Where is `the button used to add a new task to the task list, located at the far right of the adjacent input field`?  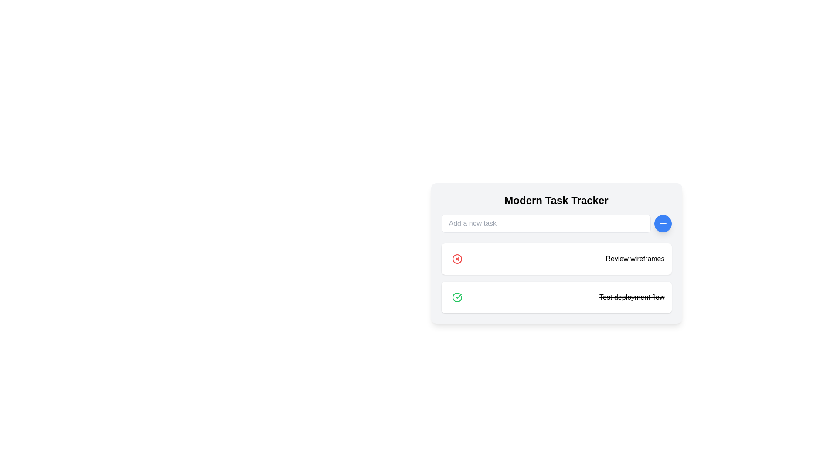
the button used to add a new task to the task list, located at the far right of the adjacent input field is located at coordinates (663, 223).